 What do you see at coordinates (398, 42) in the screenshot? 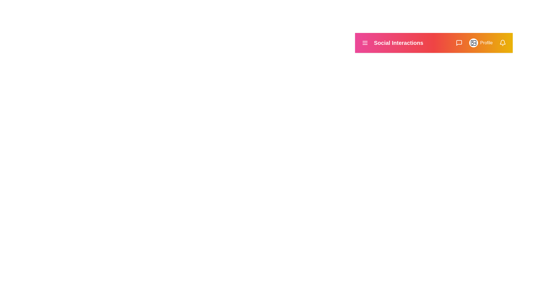
I see `the header text 'Social Interactions' to focus on it` at bounding box center [398, 42].